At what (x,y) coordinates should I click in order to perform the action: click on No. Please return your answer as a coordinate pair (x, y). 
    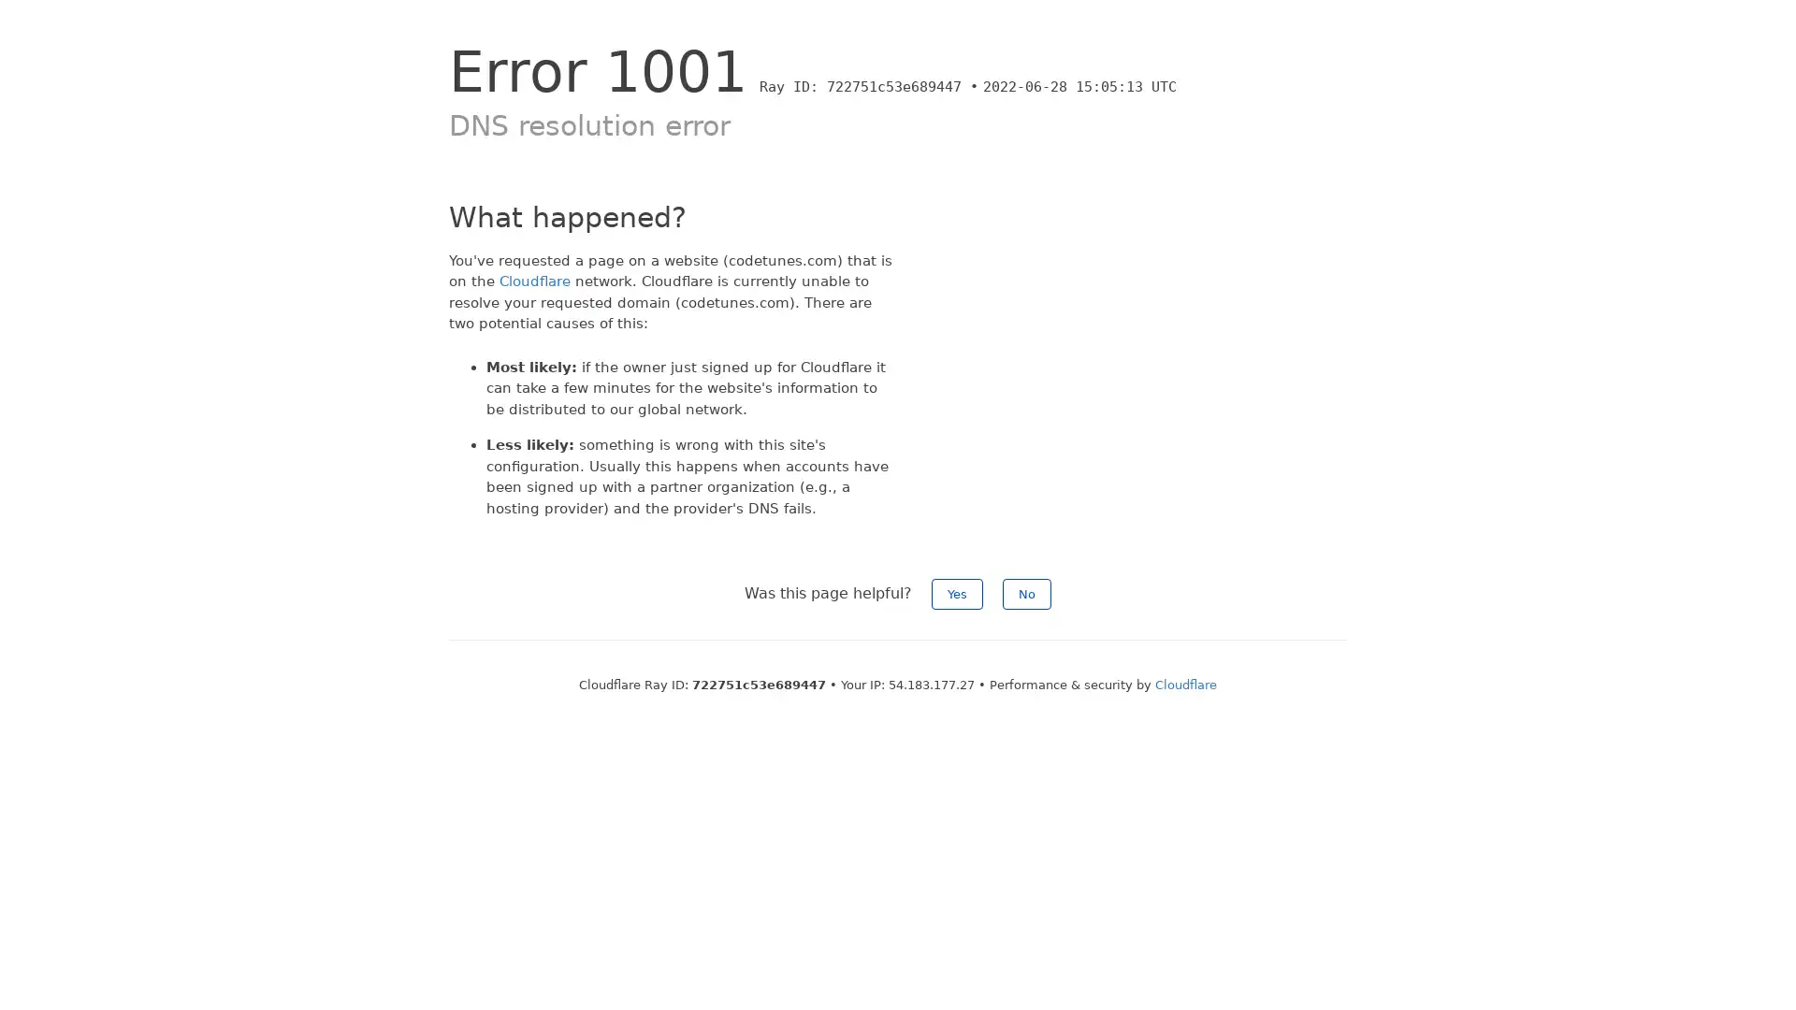
    Looking at the image, I should click on (1026, 594).